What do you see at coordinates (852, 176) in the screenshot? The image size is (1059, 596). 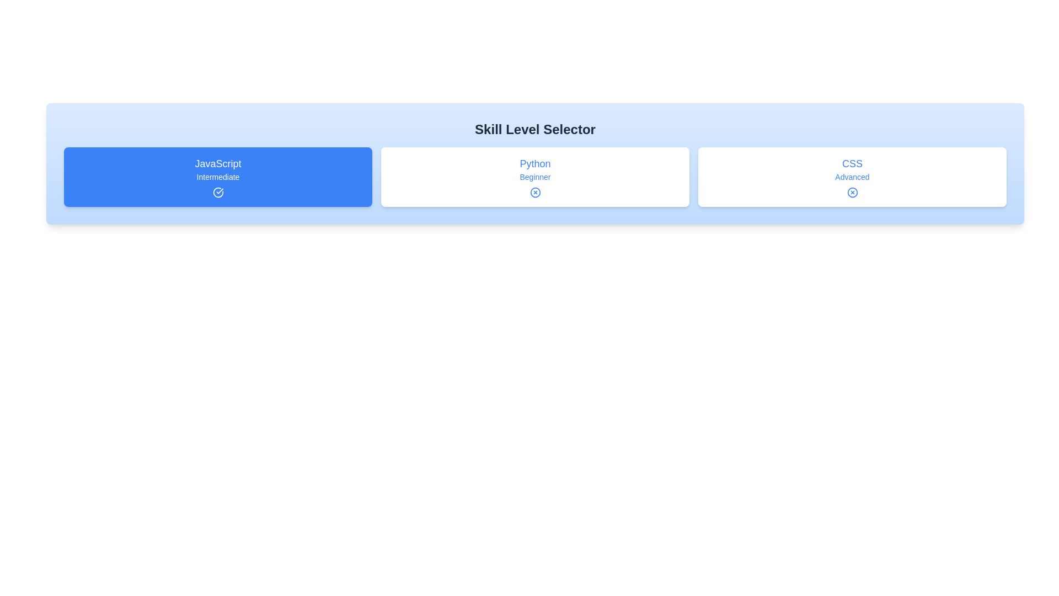 I see `the skill chip labeled 'CSS' by clicking on it` at bounding box center [852, 176].